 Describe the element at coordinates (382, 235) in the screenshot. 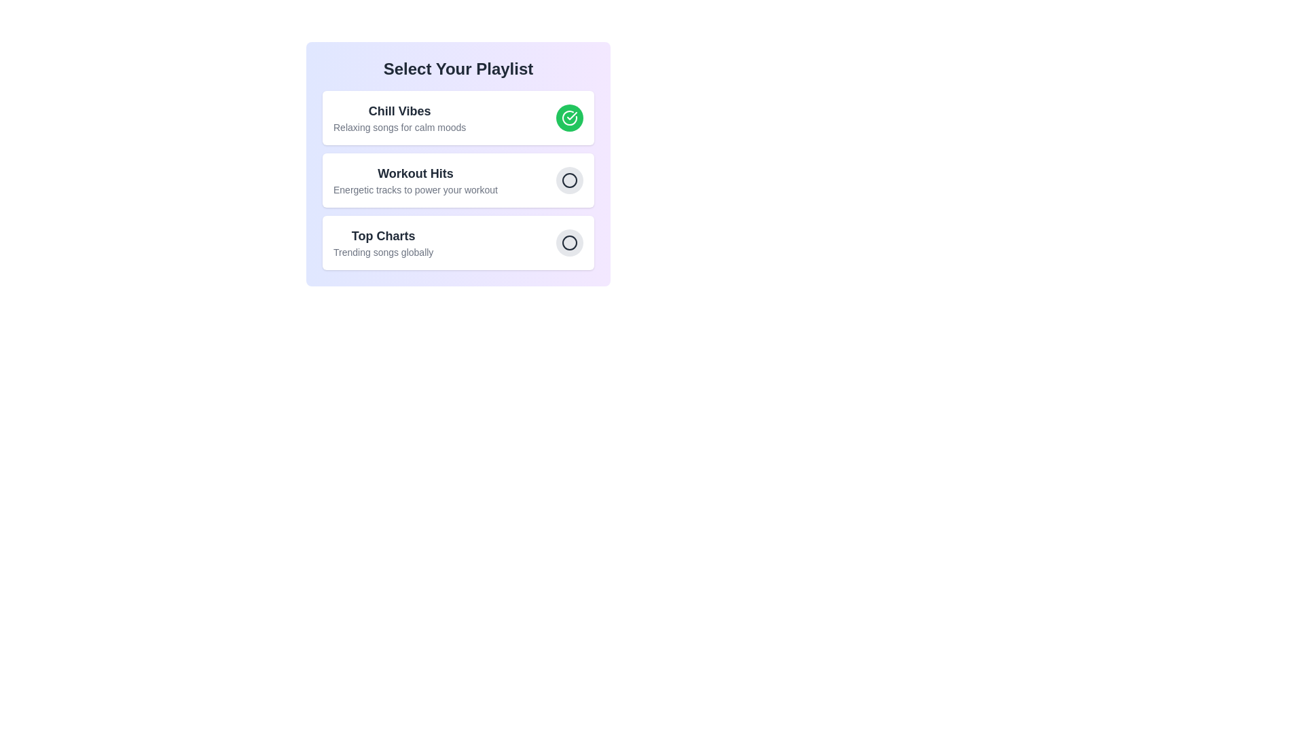

I see `the title text of the playlist Top Charts` at that location.